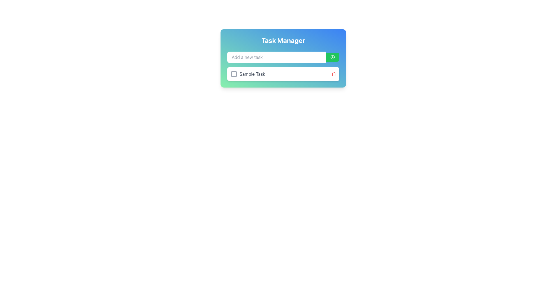 The image size is (538, 303). I want to click on the checkbox toggle button located to the left of the 'Sample Task' text in the task manager interface, so click(234, 74).